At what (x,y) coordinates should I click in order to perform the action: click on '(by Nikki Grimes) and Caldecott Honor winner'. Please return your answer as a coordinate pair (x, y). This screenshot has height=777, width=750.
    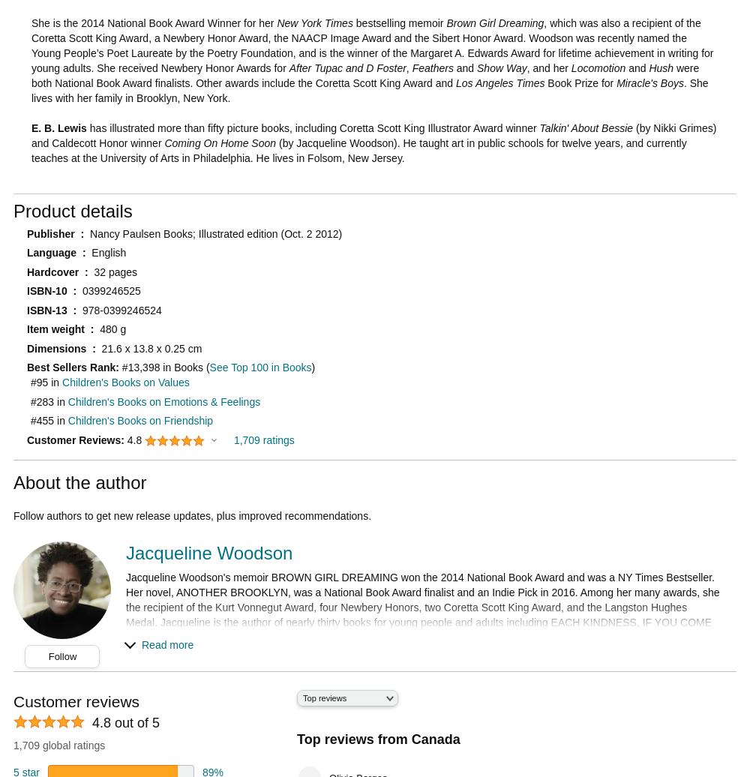
    Looking at the image, I should click on (373, 134).